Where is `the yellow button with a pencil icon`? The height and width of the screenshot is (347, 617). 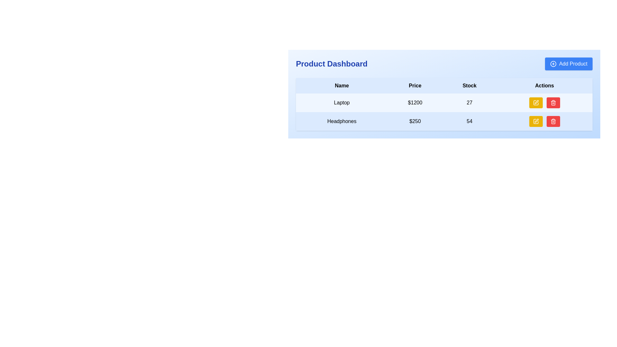 the yellow button with a pencil icon is located at coordinates (544, 121).